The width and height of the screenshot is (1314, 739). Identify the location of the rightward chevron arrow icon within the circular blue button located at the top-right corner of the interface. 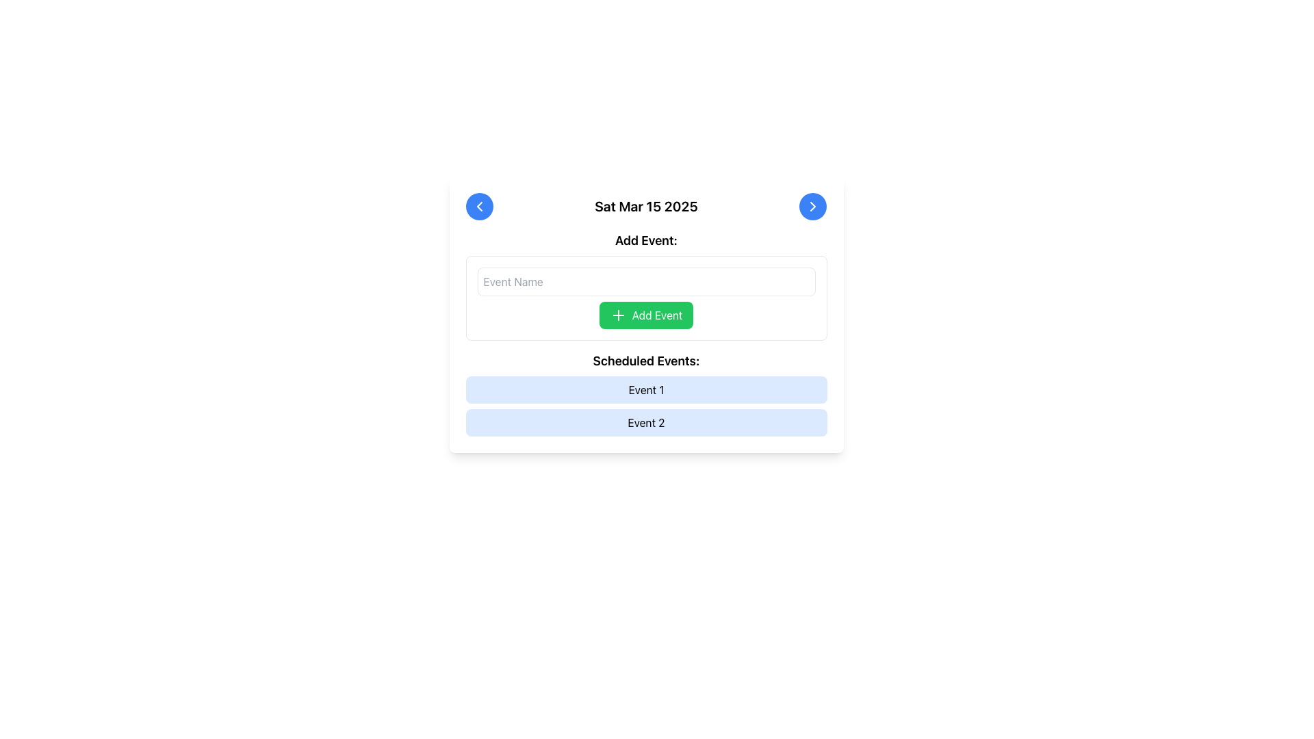
(813, 206).